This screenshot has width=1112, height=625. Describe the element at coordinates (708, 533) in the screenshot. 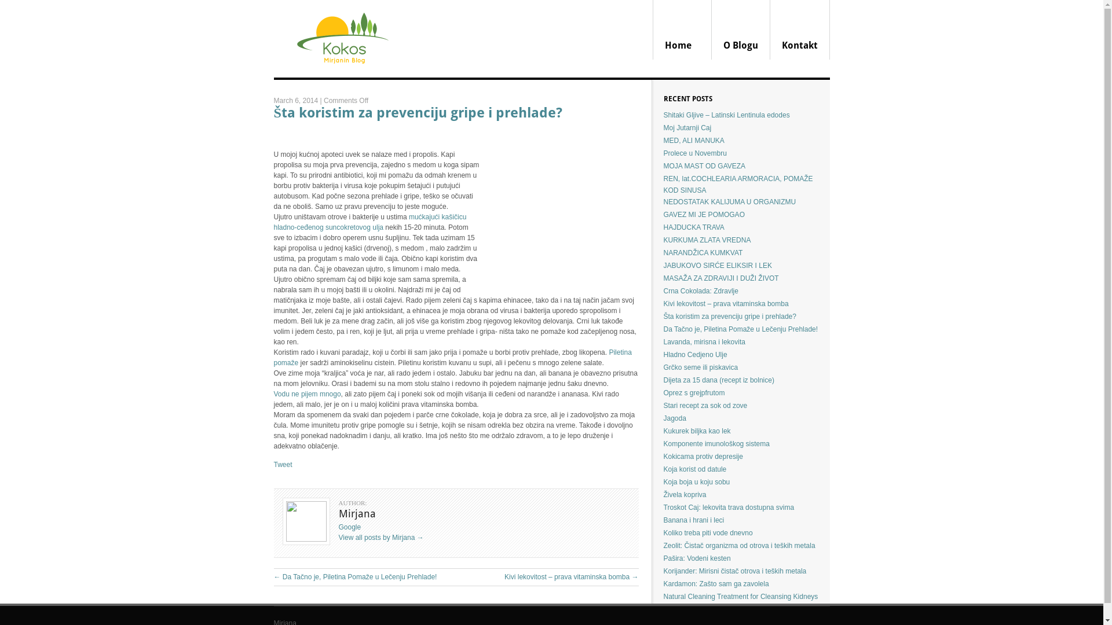

I see `'Koliko treba piti vode dnevno'` at that location.